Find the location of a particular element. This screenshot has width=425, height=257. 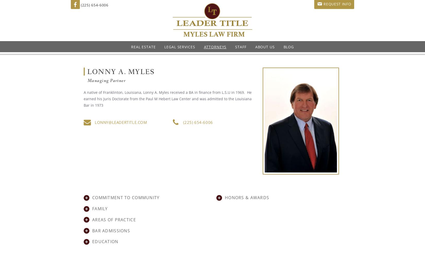

'Request Info' is located at coordinates (337, 4).